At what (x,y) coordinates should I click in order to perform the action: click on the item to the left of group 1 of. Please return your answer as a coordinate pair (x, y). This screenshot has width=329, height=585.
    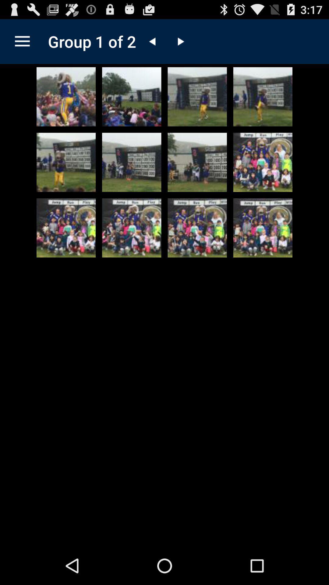
    Looking at the image, I should click on (22, 41).